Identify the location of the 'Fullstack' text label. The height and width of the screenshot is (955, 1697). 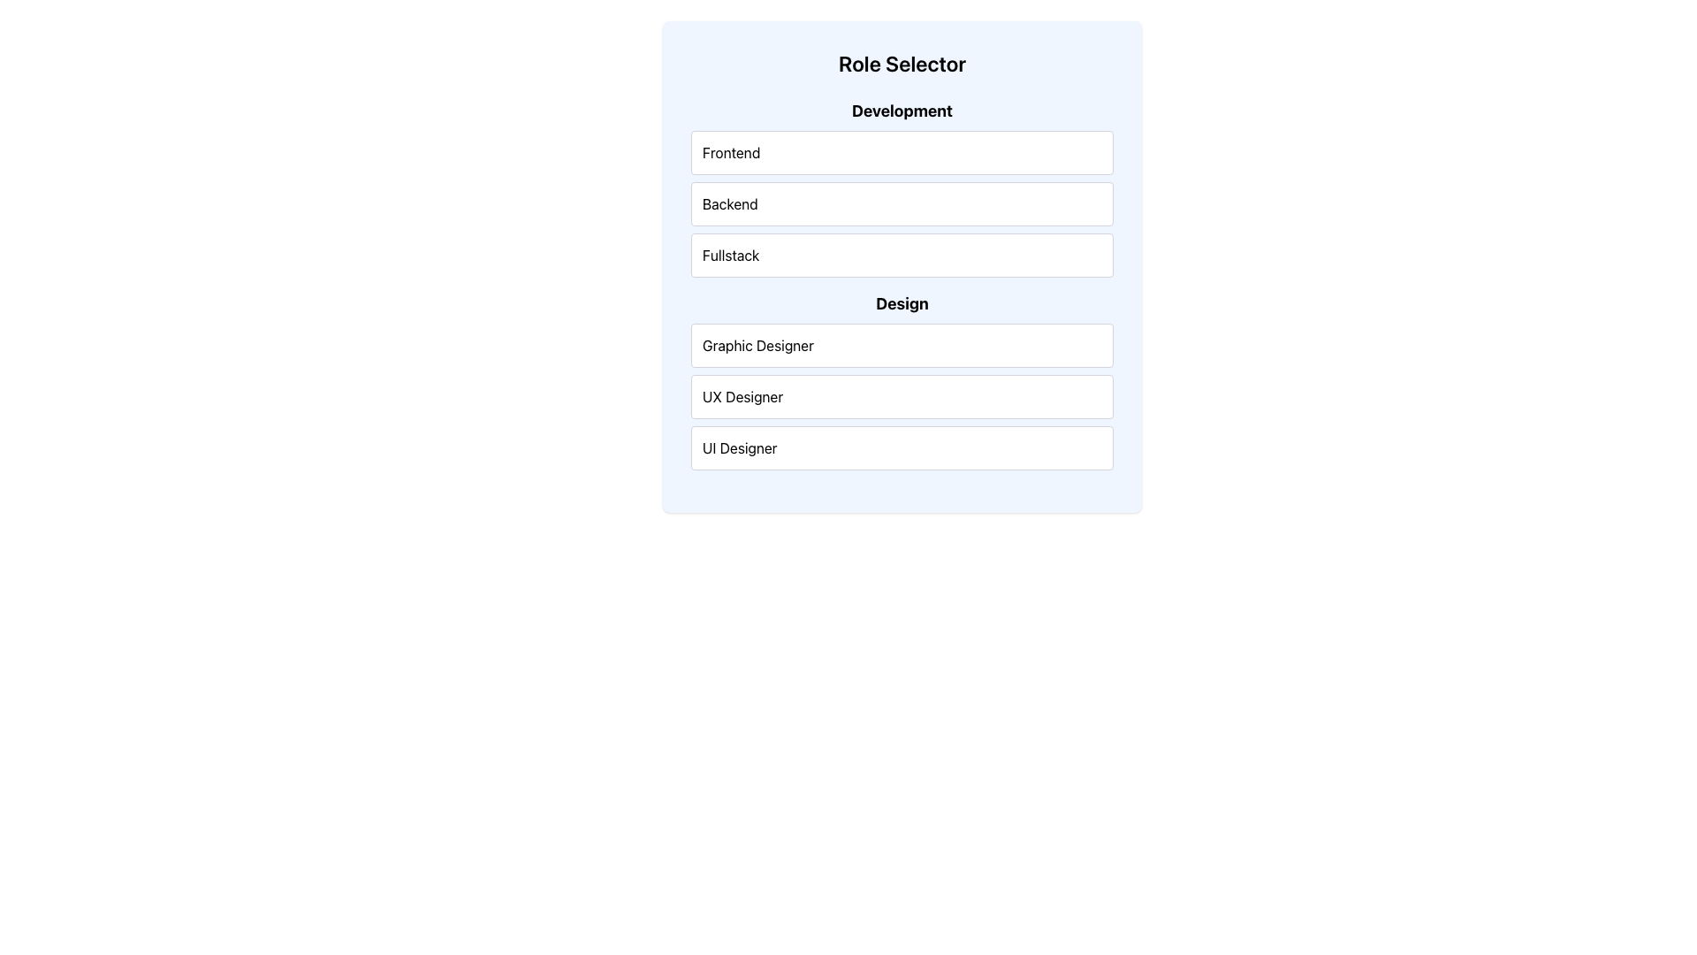
(731, 256).